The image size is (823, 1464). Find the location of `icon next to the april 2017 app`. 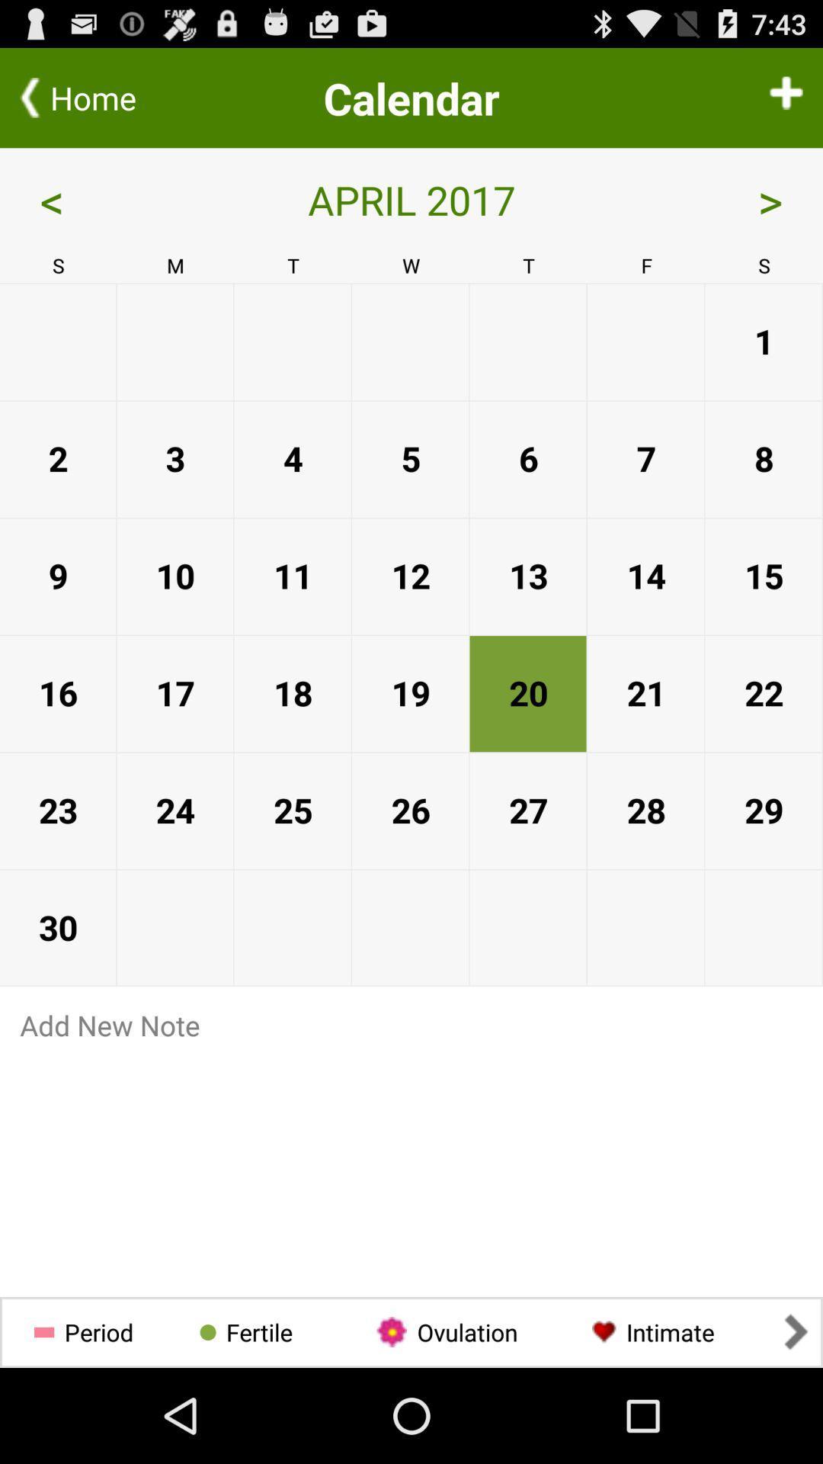

icon next to the april 2017 app is located at coordinates (720, 199).